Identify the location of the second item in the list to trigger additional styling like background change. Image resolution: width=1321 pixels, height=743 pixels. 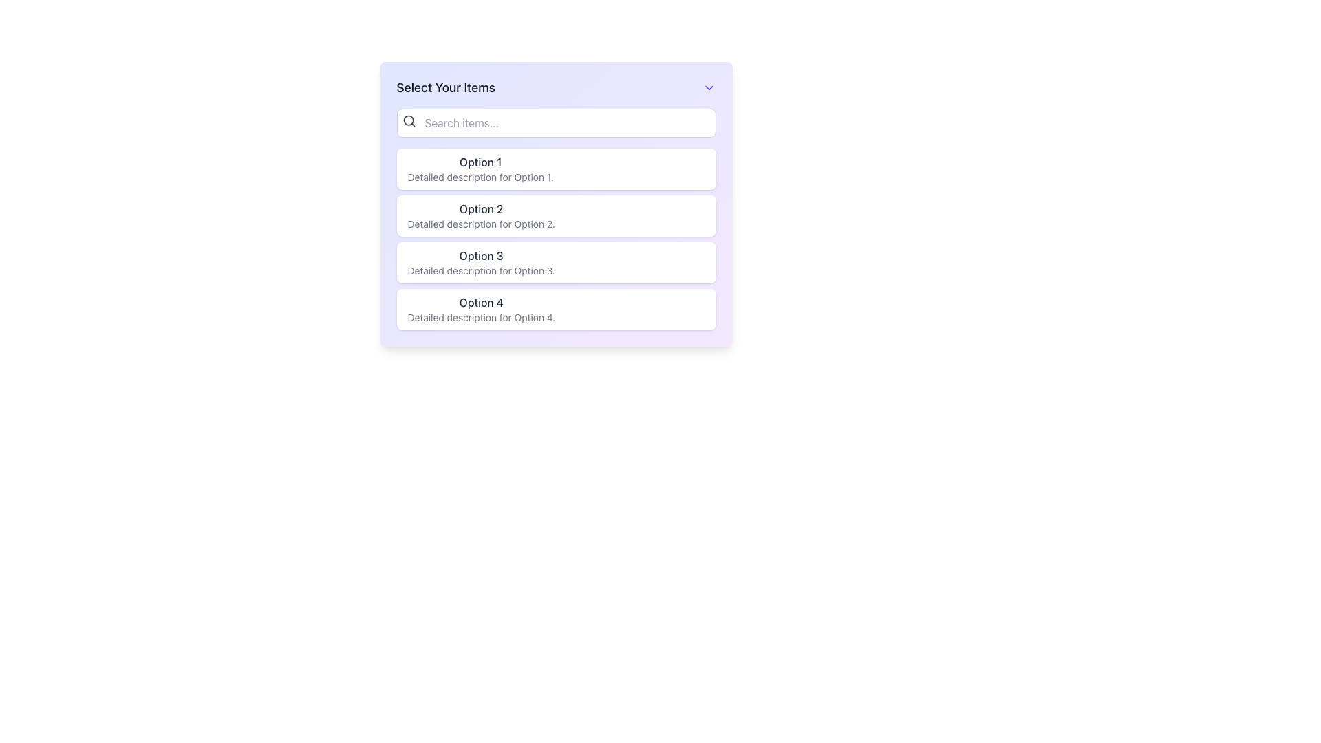
(556, 215).